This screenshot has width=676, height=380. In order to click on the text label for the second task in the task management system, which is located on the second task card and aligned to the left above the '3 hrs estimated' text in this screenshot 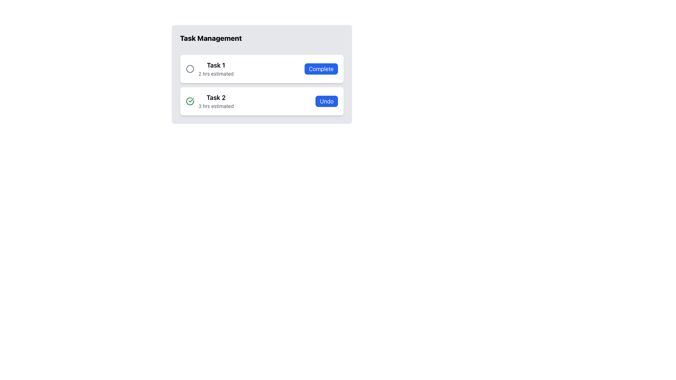, I will do `click(215, 97)`.